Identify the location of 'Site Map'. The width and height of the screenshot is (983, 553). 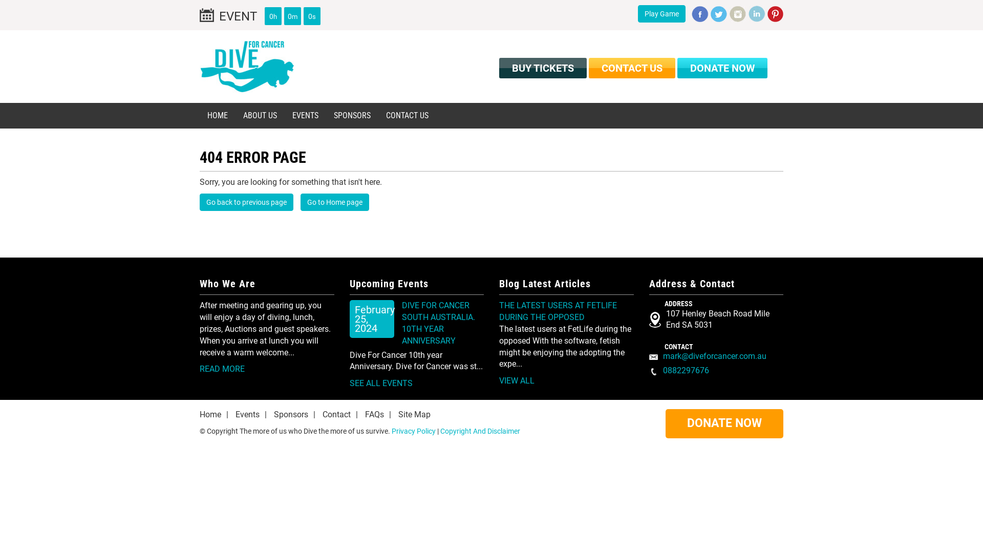
(414, 415).